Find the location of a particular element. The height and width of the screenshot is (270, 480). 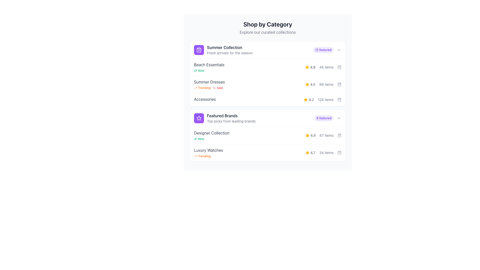

the first item in the list under 'Shop by Category' is located at coordinates (267, 50).